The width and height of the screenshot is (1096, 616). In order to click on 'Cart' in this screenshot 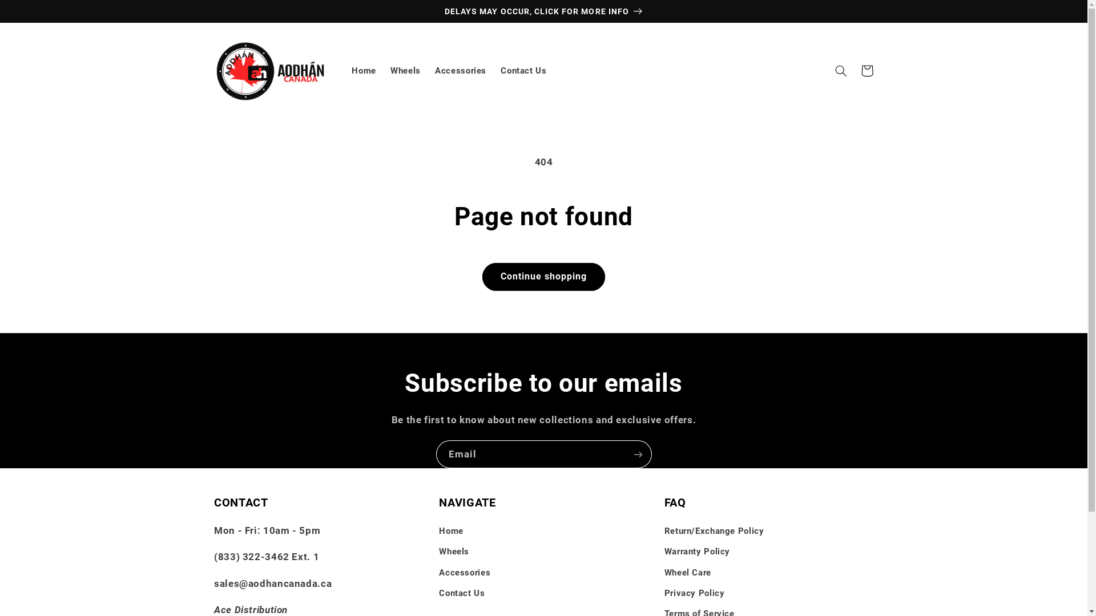, I will do `click(867, 70)`.